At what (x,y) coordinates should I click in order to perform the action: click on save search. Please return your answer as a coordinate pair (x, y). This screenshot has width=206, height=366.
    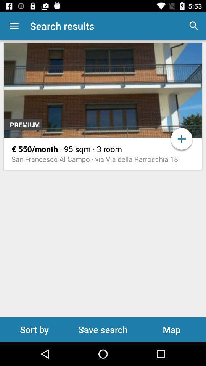
    Looking at the image, I should click on (103, 329).